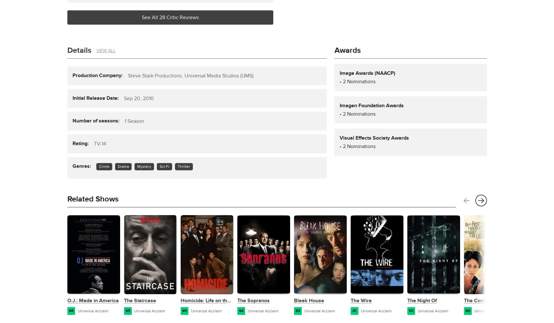 The image size is (554, 323). I want to click on '1 Season', so click(134, 121).